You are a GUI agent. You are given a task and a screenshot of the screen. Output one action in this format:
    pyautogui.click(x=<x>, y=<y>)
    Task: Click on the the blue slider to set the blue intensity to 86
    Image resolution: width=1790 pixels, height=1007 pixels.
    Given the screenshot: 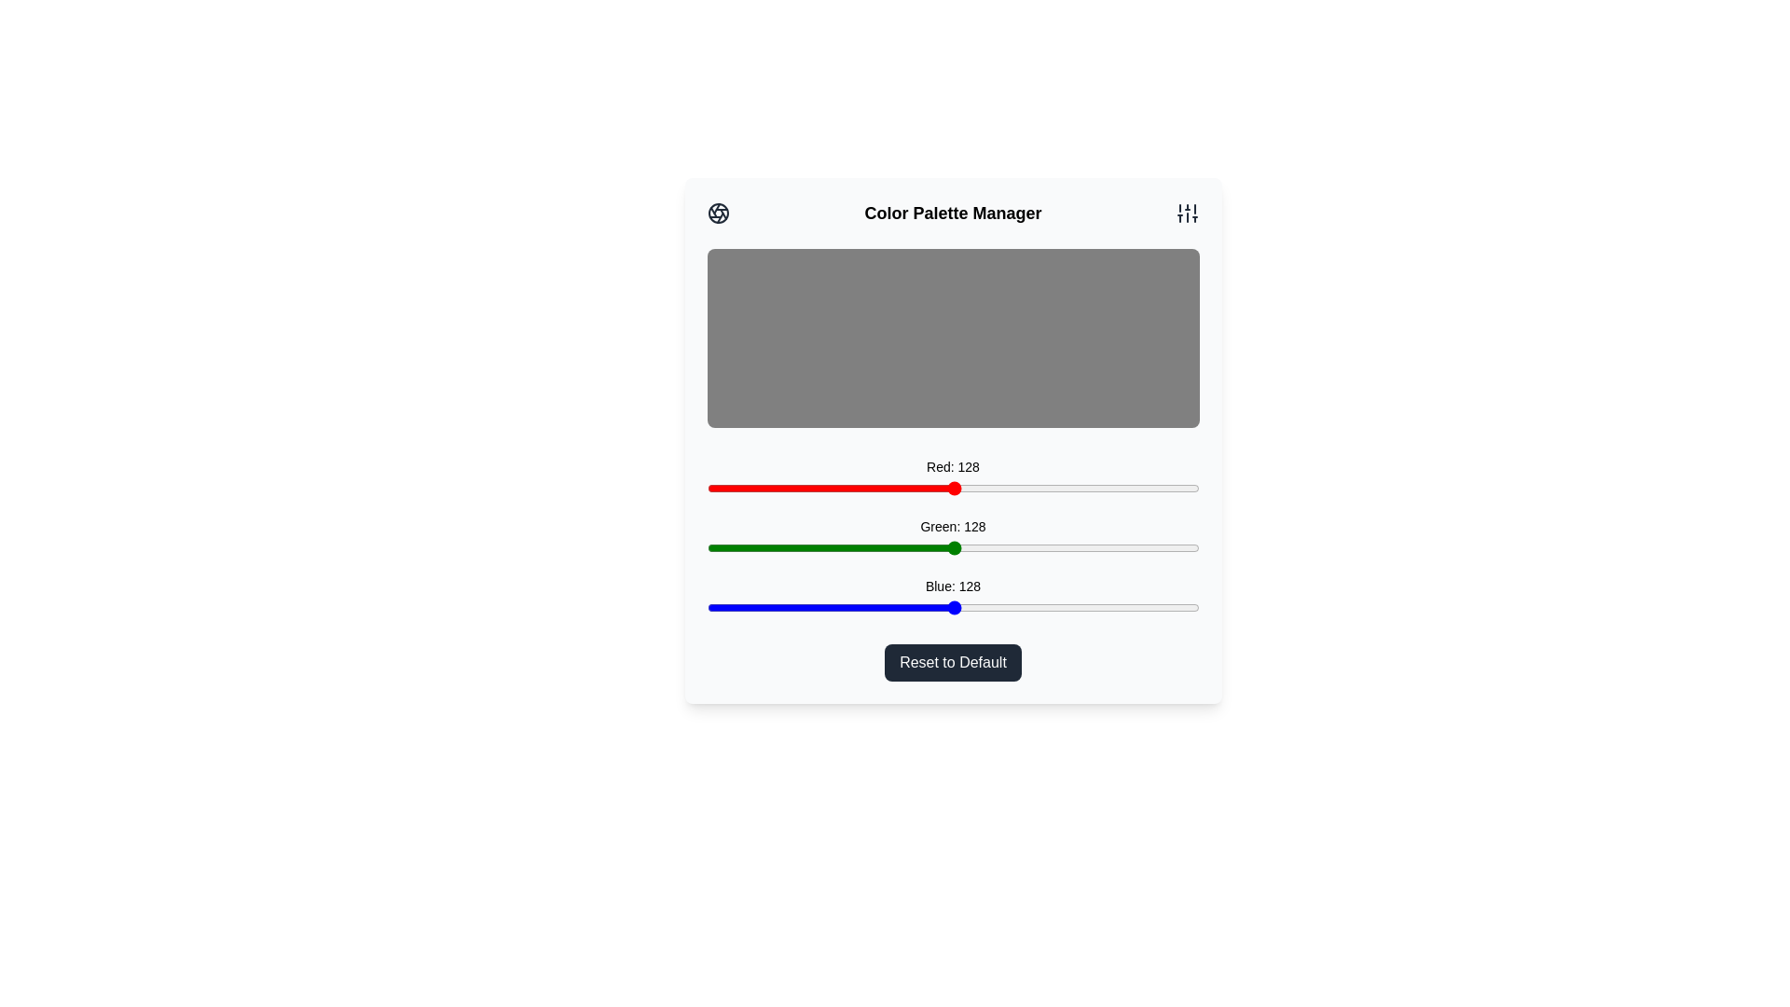 What is the action you would take?
    pyautogui.click(x=872, y=607)
    